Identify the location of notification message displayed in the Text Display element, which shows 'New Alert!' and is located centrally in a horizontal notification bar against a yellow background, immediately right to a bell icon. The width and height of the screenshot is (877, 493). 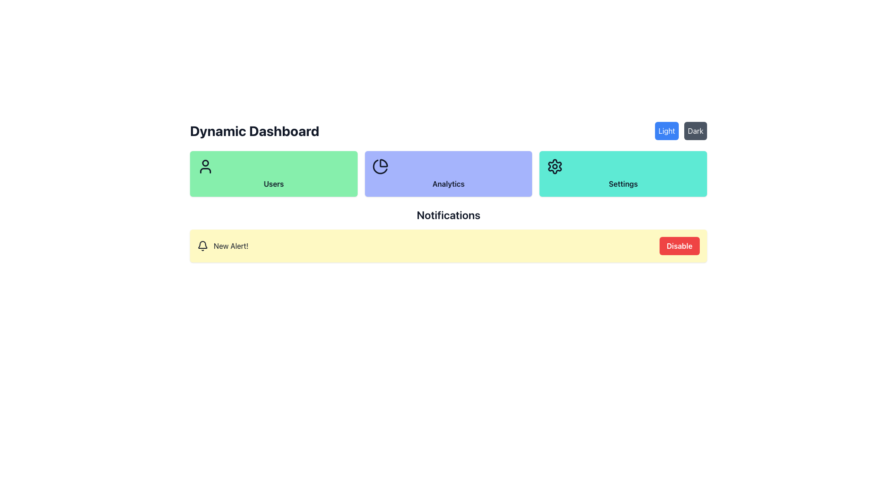
(231, 246).